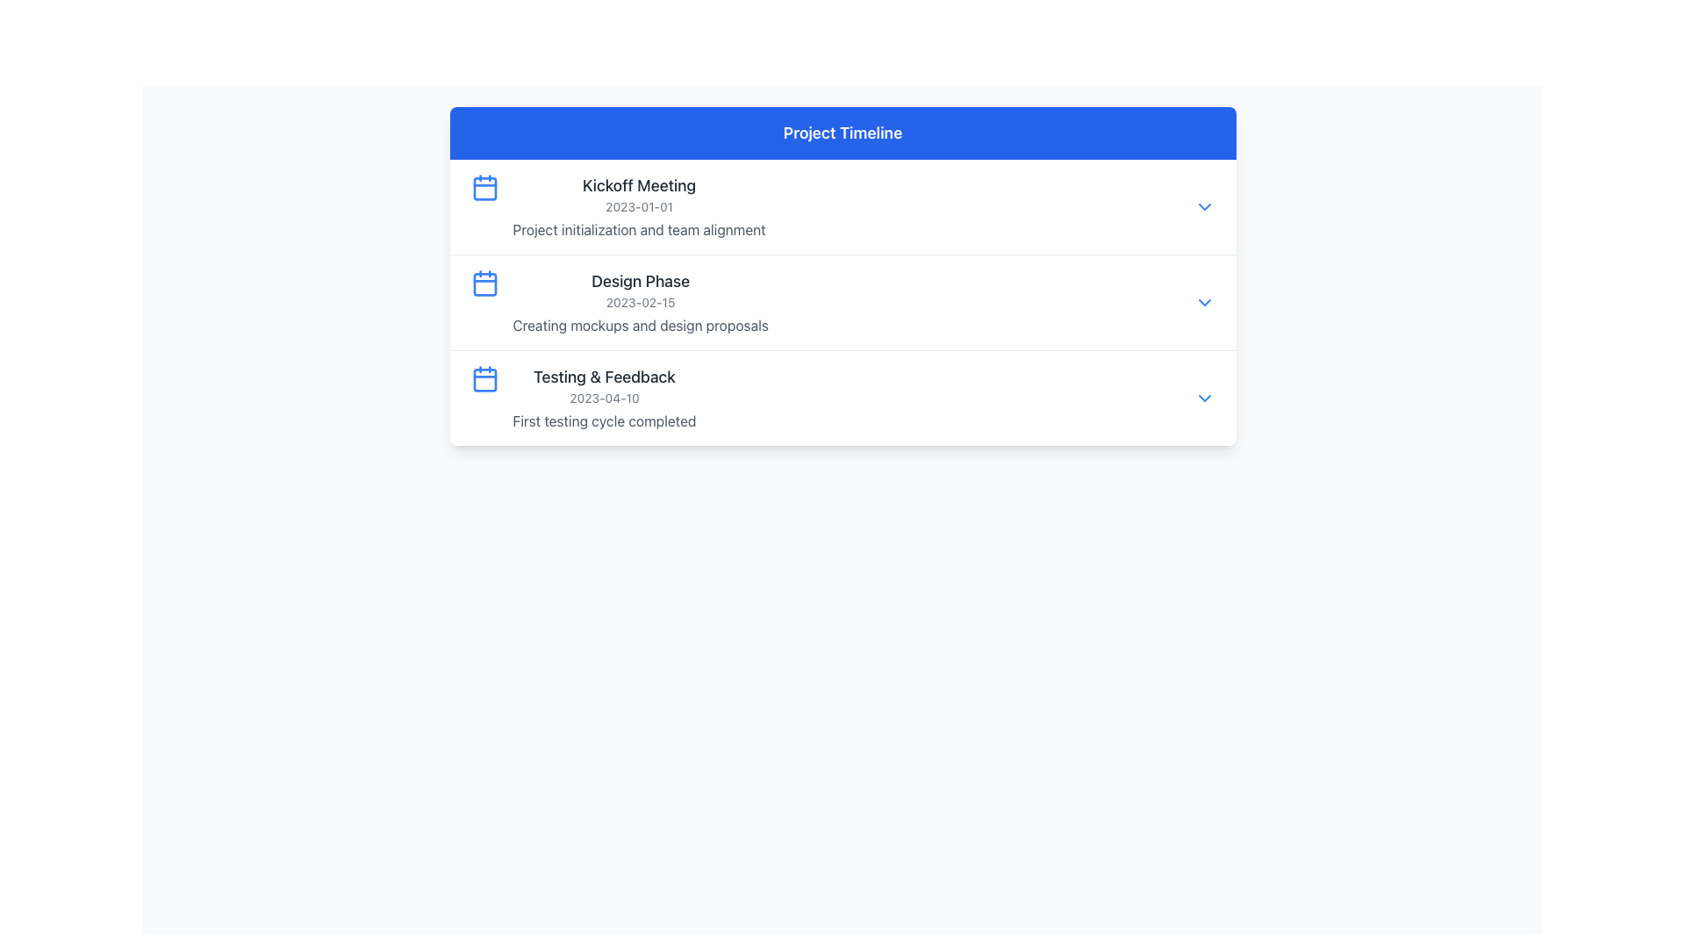  I want to click on description of the 'Design Phase' informational section which displays the date '2023-02-15' and the description 'Creating mockups and design proposals', so click(842, 301).